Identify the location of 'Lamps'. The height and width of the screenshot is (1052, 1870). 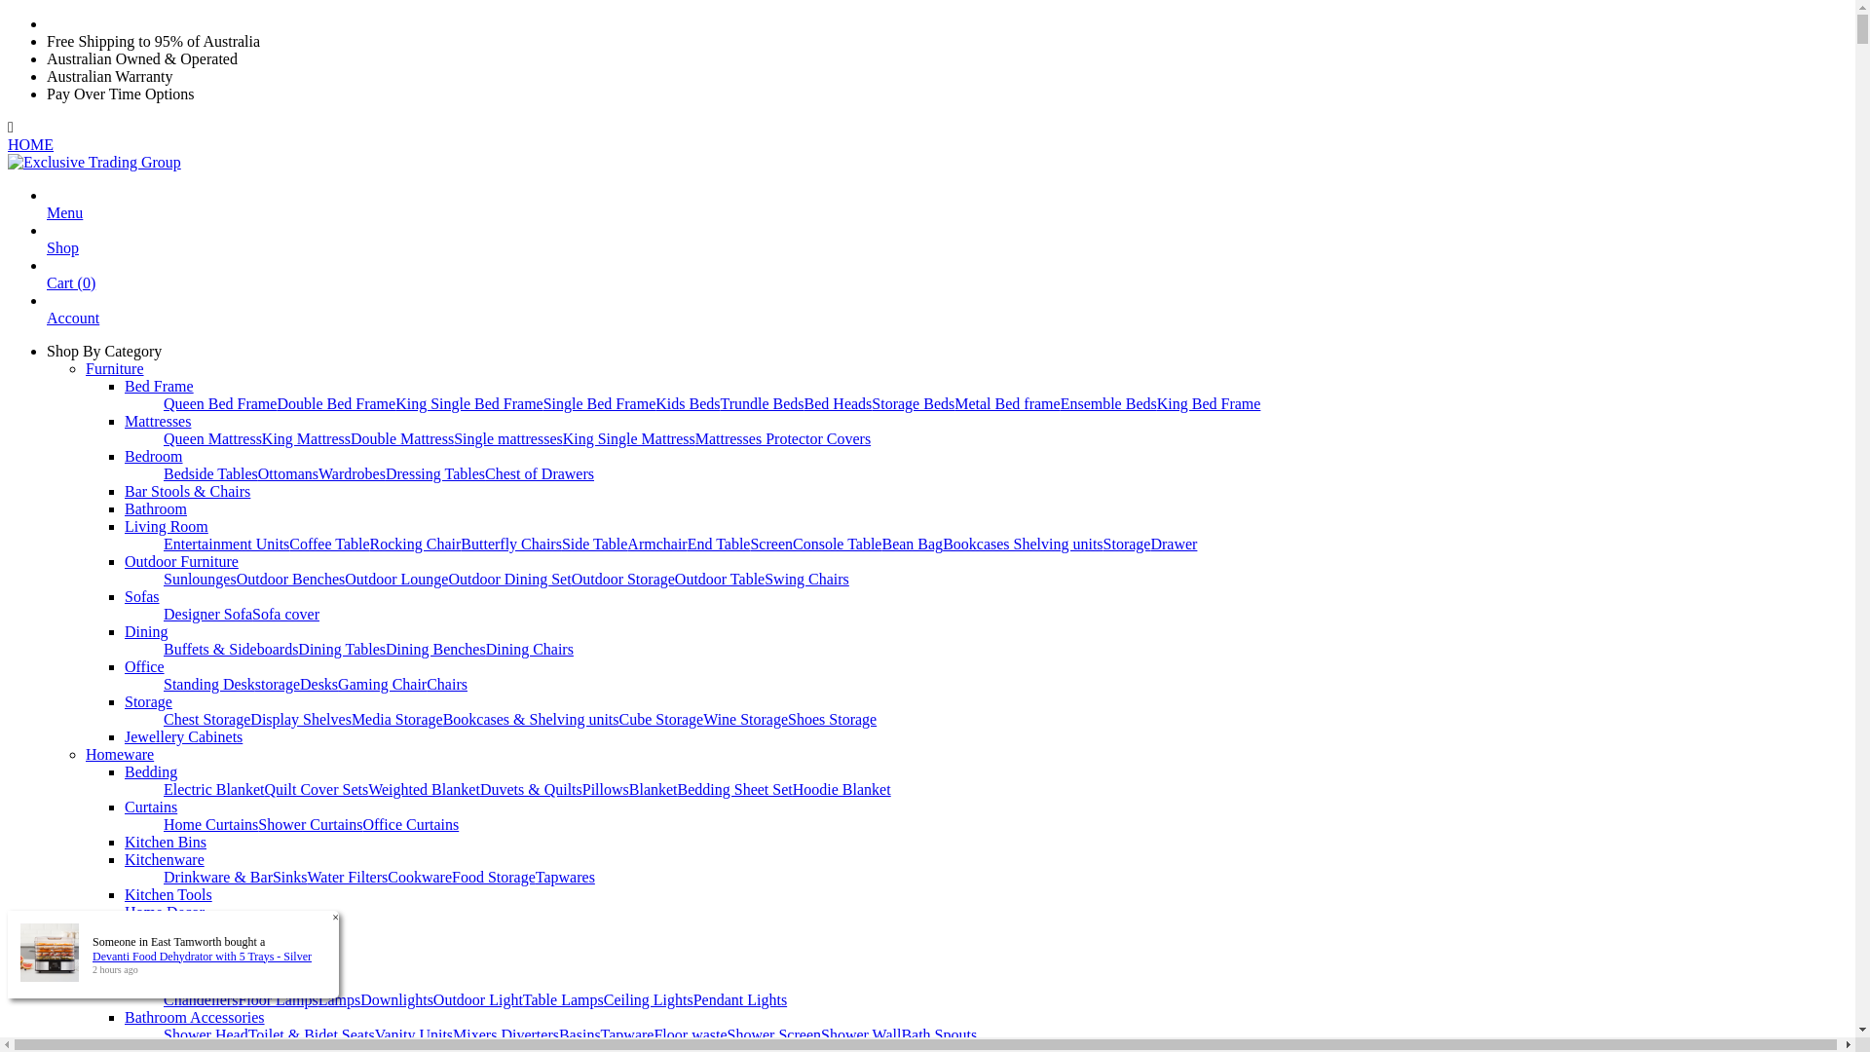
(340, 999).